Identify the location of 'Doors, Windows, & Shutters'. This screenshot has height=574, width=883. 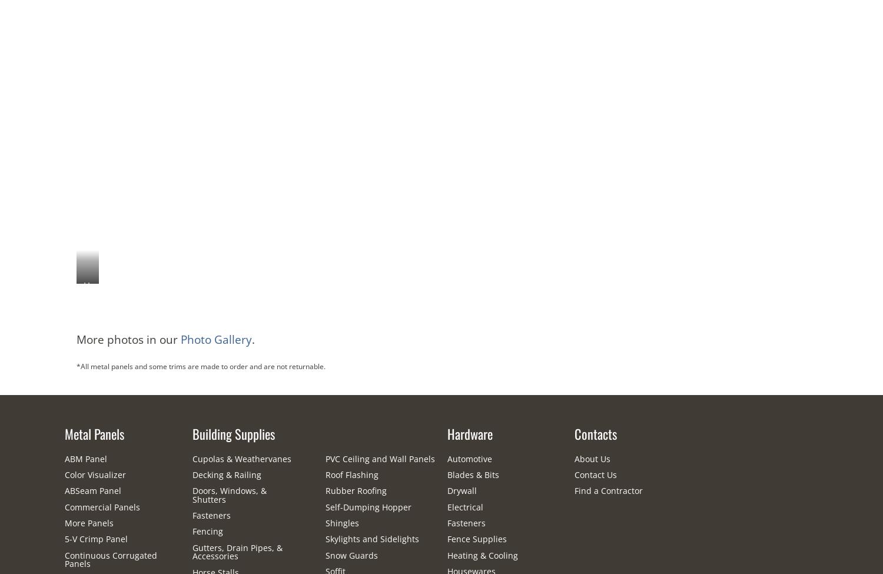
(228, 495).